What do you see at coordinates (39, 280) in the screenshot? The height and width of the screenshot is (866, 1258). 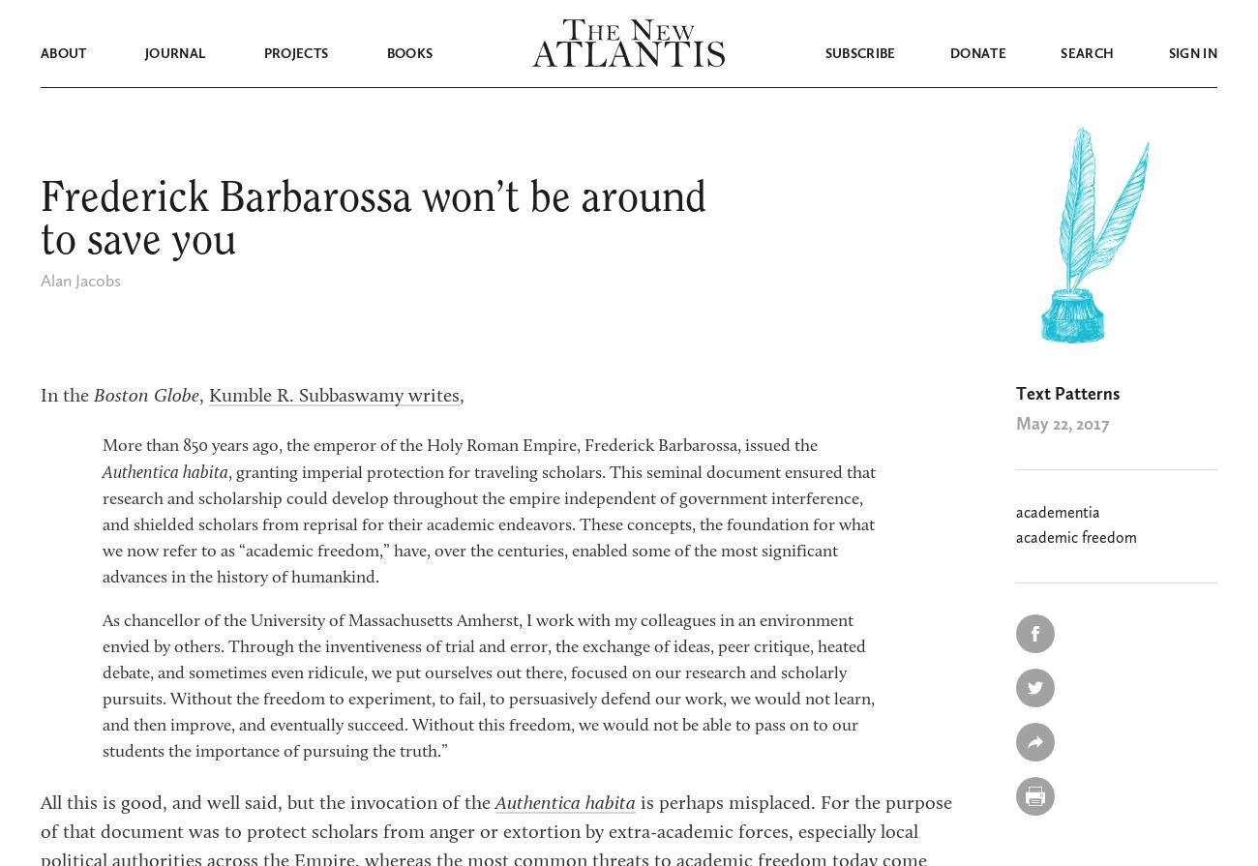 I see `'Alan Jacobs'` at bounding box center [39, 280].